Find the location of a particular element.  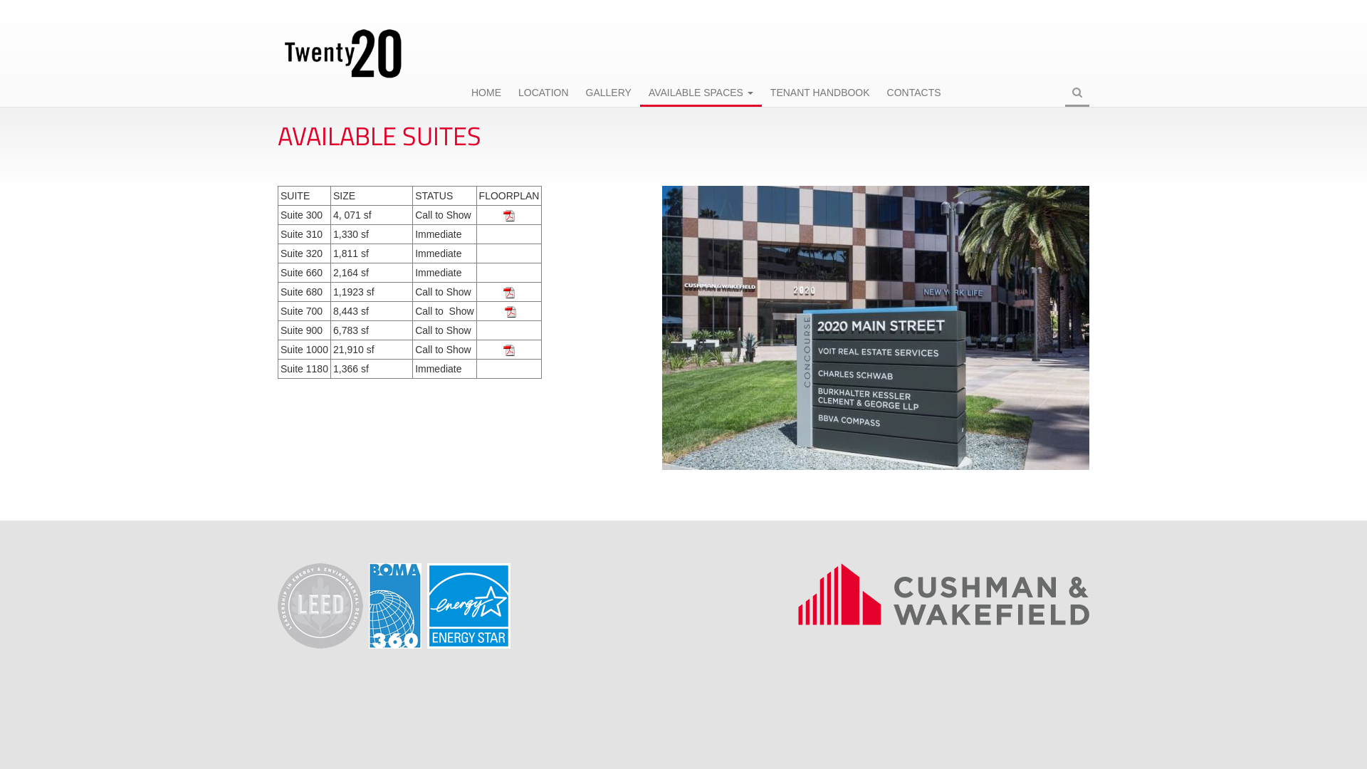

'2020_-_Suite_680.pdf' is located at coordinates (509, 291).